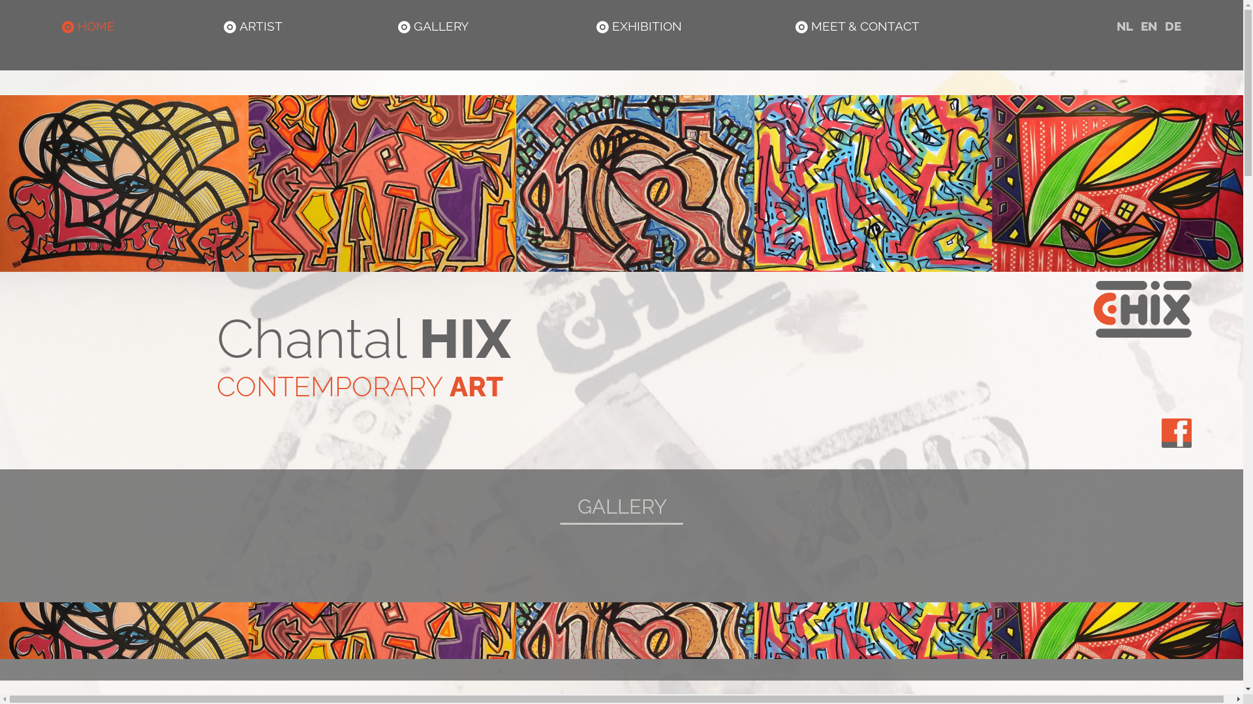  Describe the element at coordinates (253, 26) in the screenshot. I see `' ARTIST'` at that location.